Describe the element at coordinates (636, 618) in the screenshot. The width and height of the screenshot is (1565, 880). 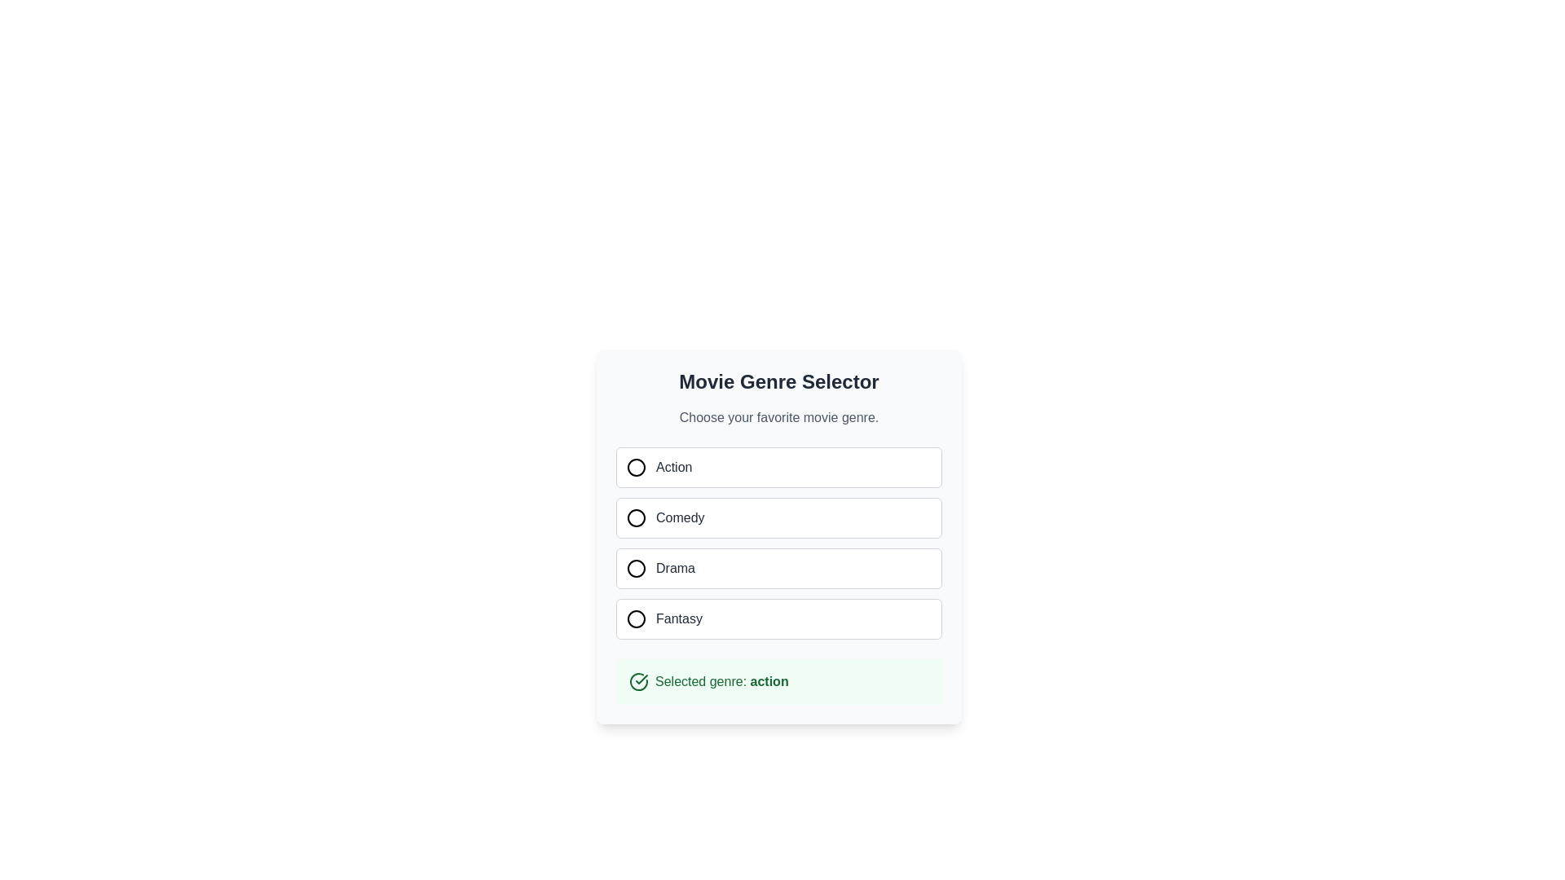
I see `the 'Fantasy' radio button, which is the last option in a vertical list of radio buttons` at that location.